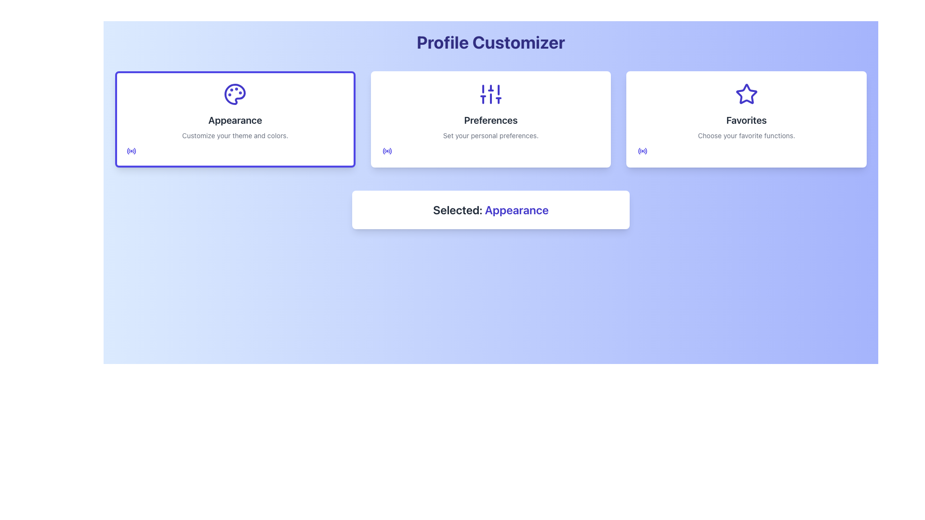  I want to click on the indigo circular radio button located in the bottom-center of the 'Favorites' card section, which is situated under the 'Favorites' title and above the description 'Choose your favorite functions.', so click(643, 151).